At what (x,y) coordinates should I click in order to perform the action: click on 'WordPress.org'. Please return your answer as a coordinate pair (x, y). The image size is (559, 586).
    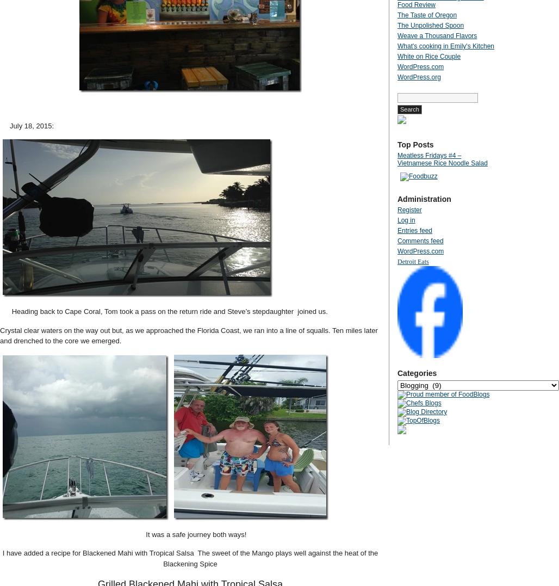
    Looking at the image, I should click on (418, 77).